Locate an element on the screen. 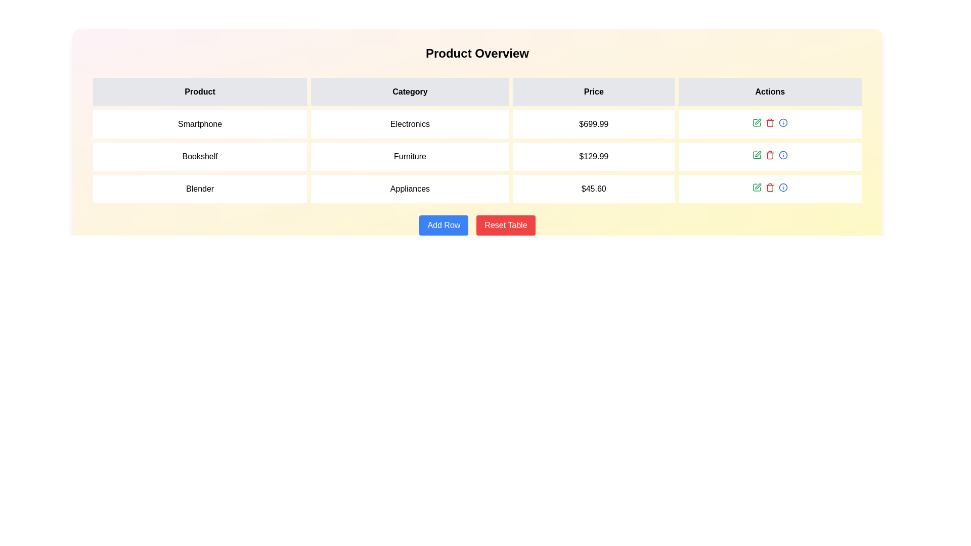  text from the Text Label located in the second column of the second row under the 'Category' header is located at coordinates (410, 156).